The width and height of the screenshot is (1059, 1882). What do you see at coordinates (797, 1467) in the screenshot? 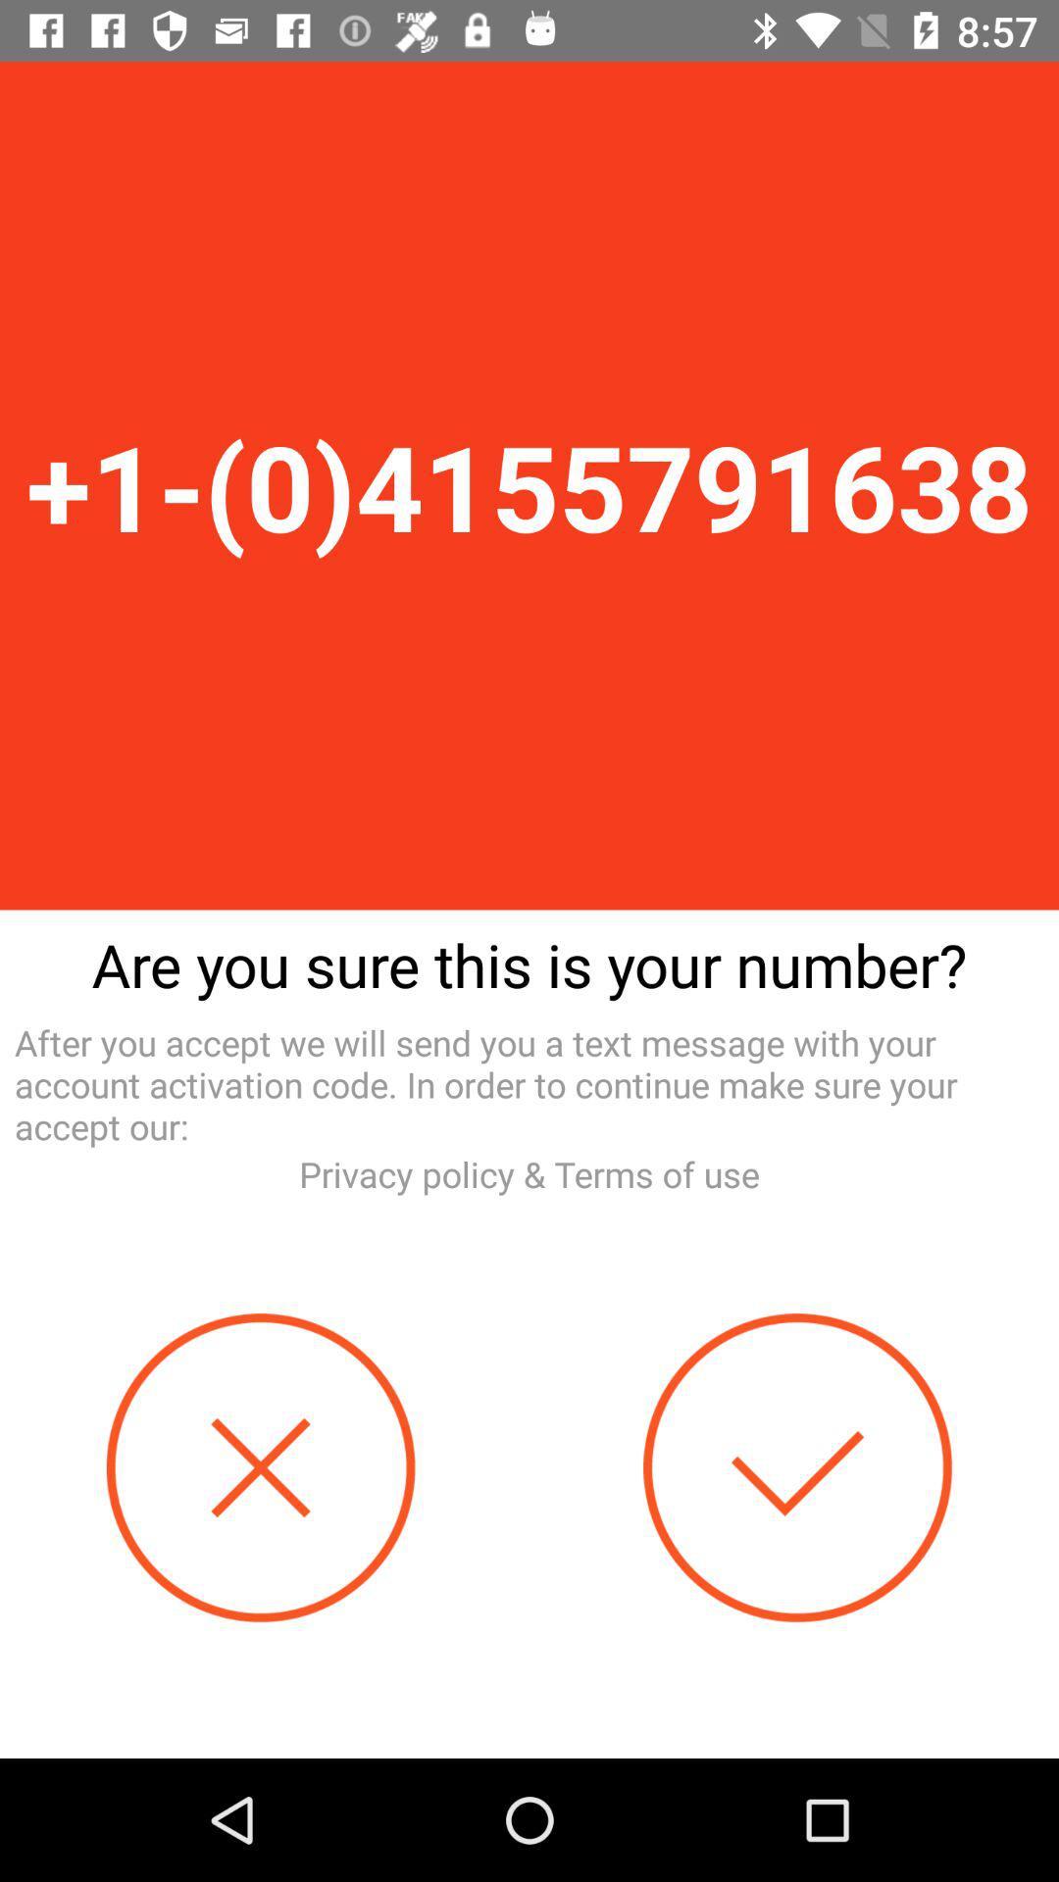
I see `confirm number` at bounding box center [797, 1467].